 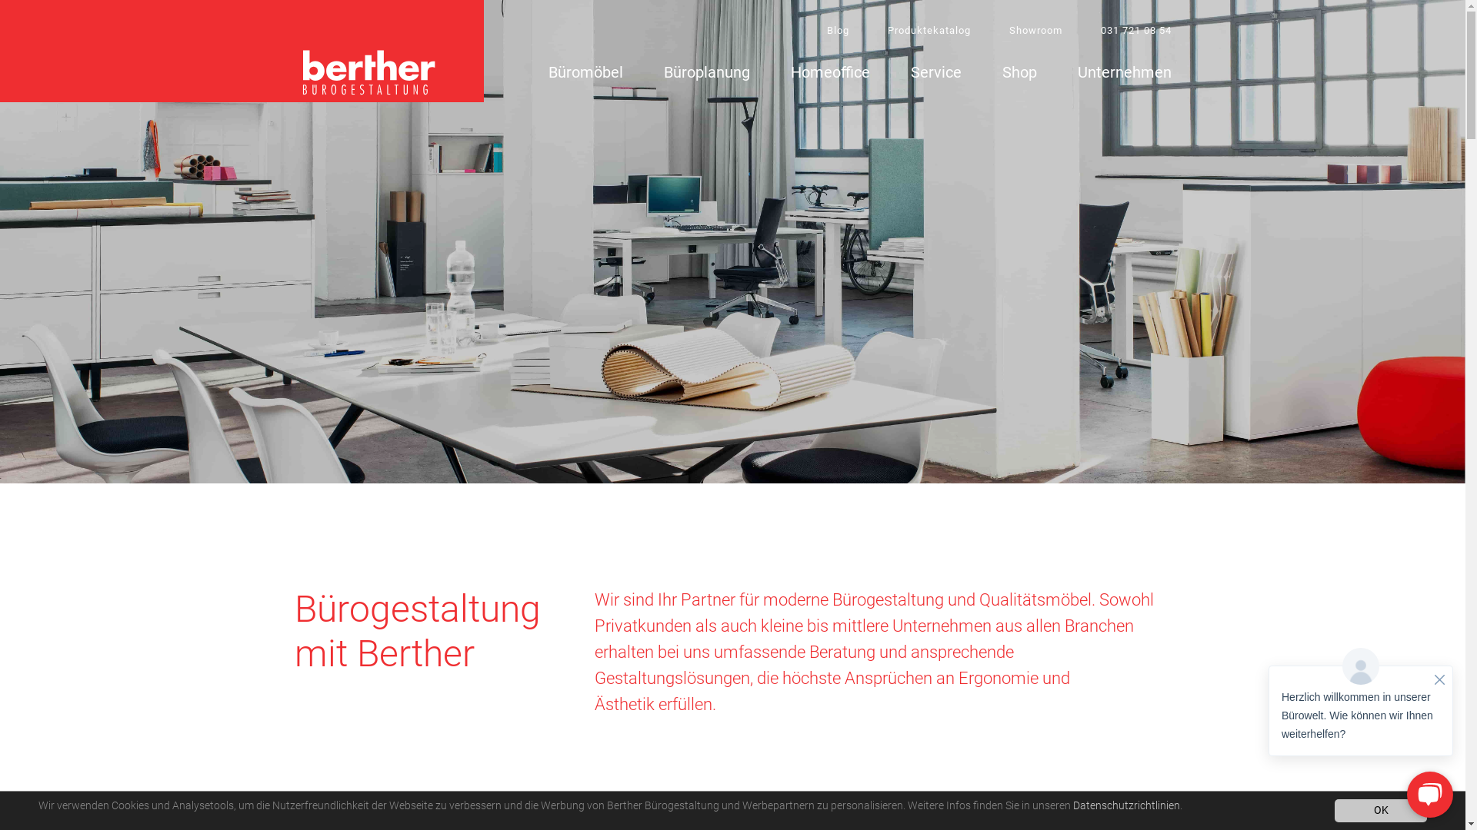 I want to click on 'Service', so click(x=935, y=75).